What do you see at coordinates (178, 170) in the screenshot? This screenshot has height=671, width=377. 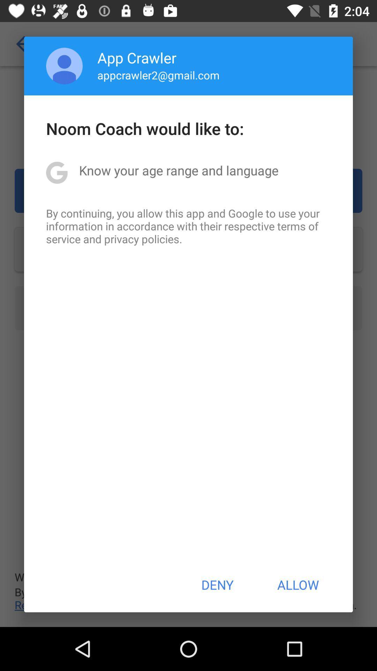 I see `the know your age icon` at bounding box center [178, 170].